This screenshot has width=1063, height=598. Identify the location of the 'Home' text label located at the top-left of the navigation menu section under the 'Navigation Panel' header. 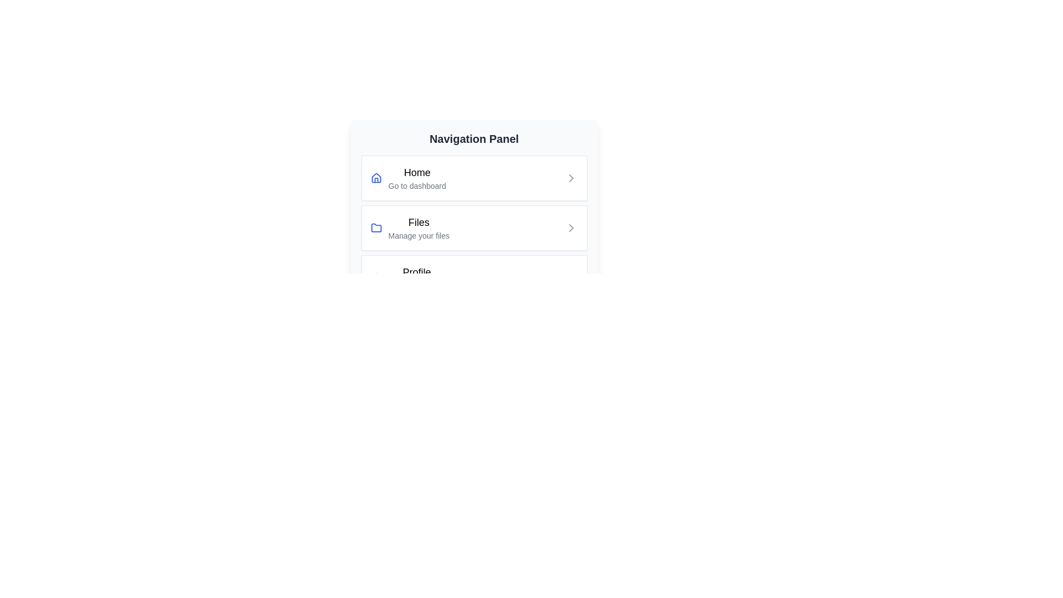
(416, 173).